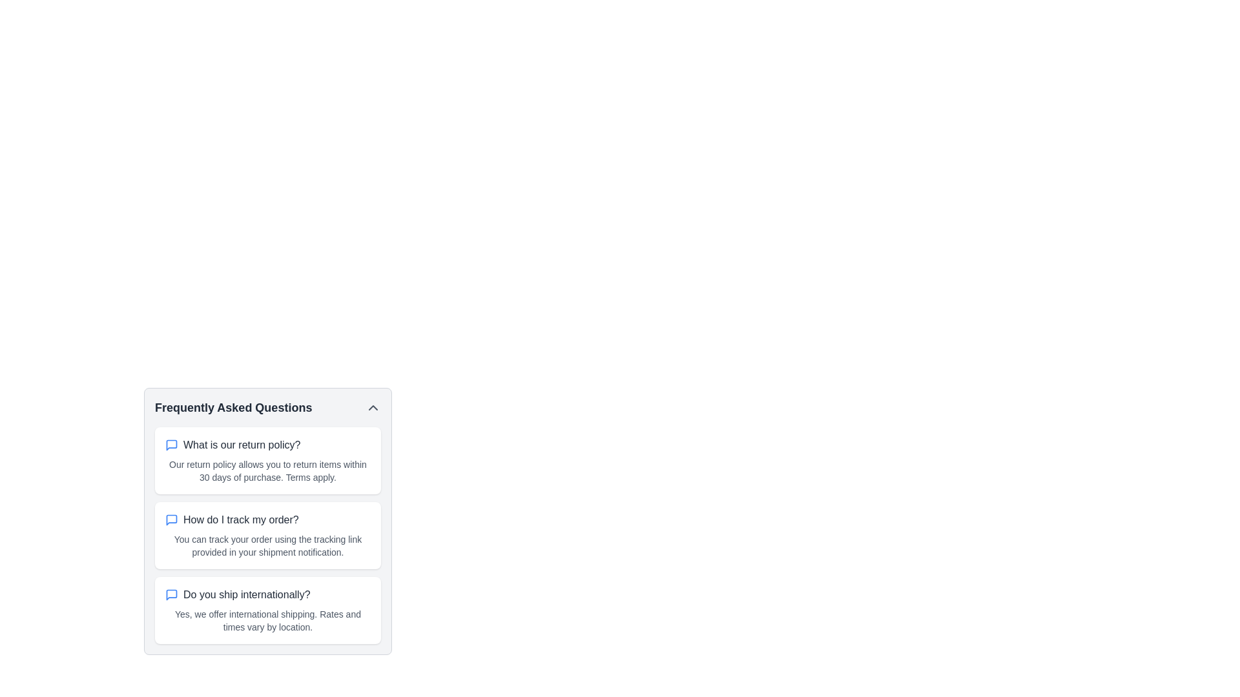  What do you see at coordinates (267, 520) in the screenshot?
I see `the second question in the FAQ list regarding tracking orders` at bounding box center [267, 520].